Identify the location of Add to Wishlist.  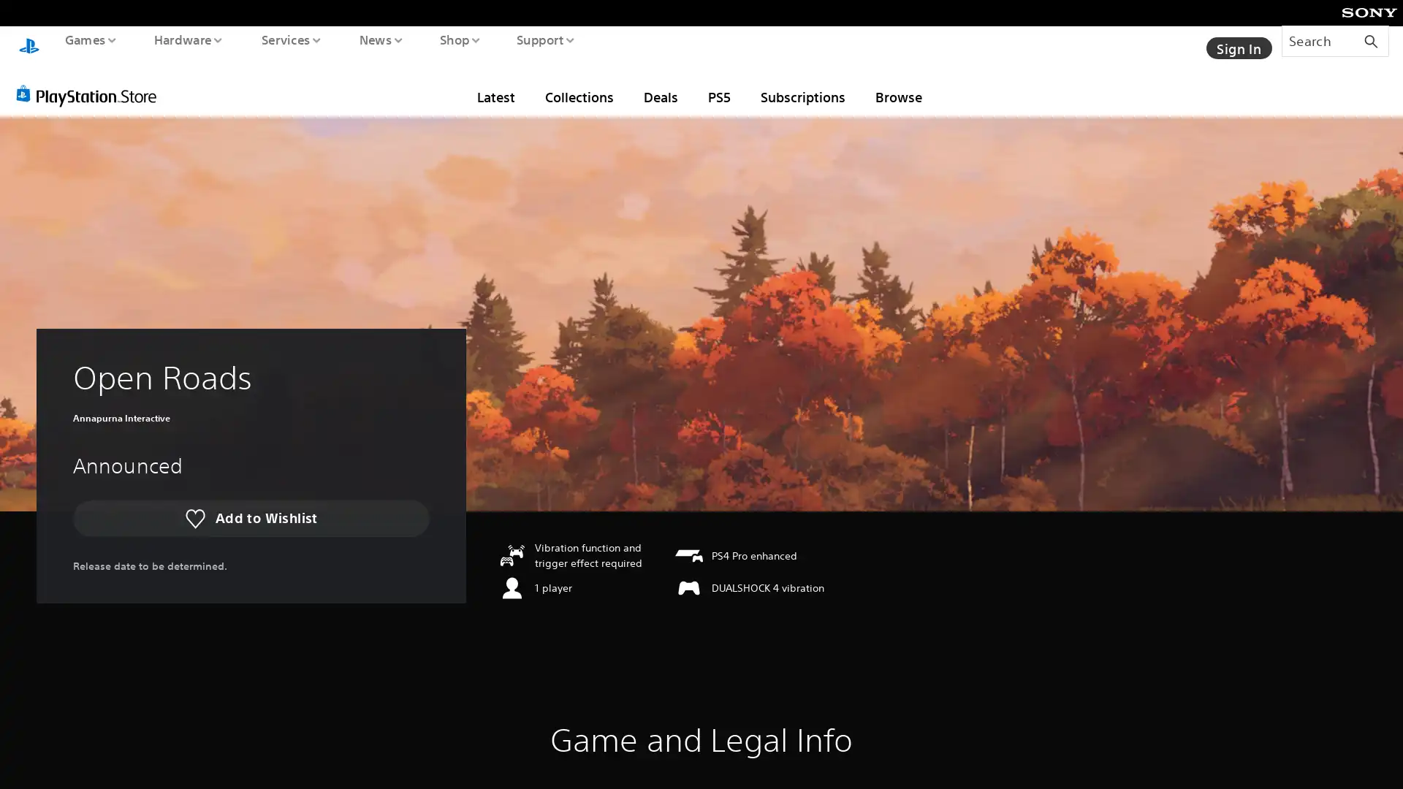
(251, 503).